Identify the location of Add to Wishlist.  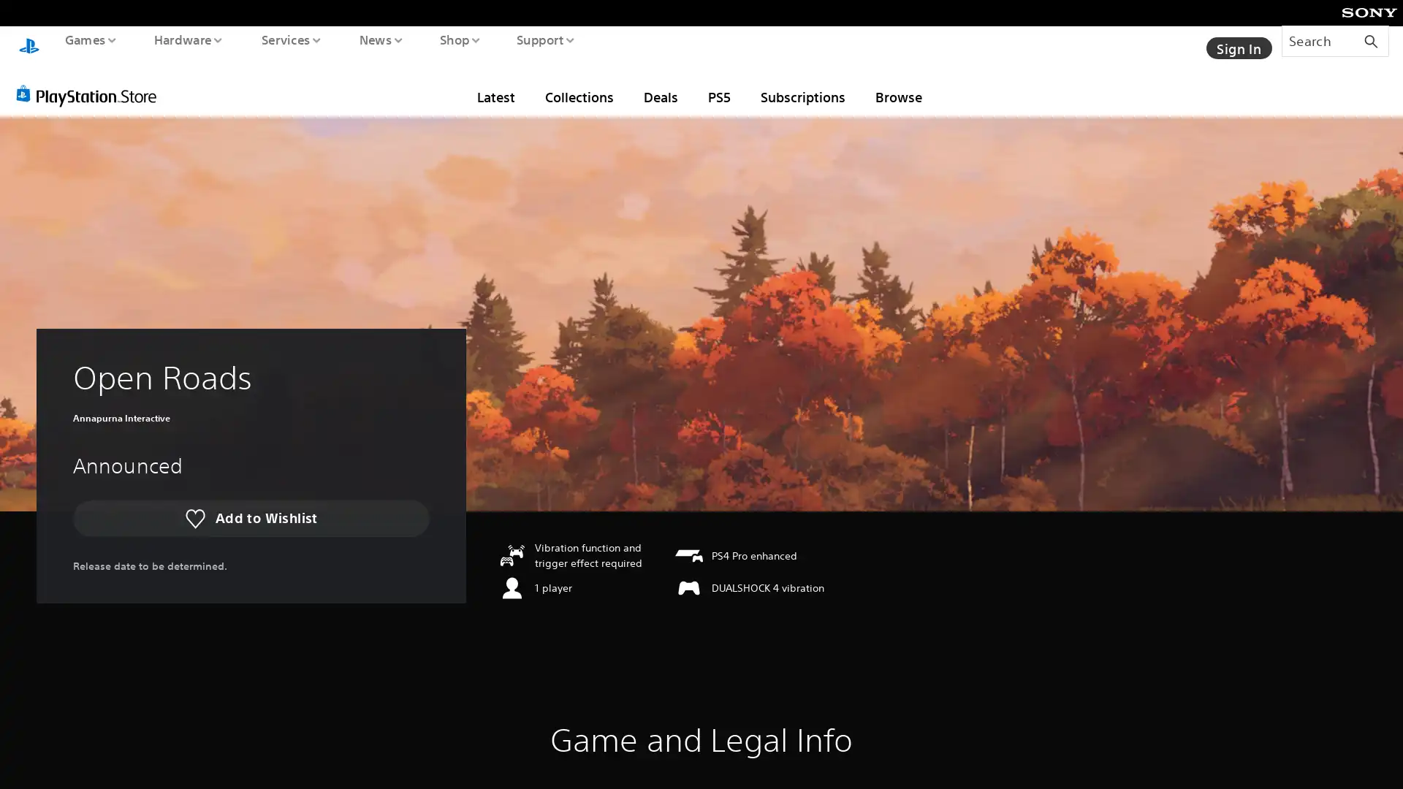
(251, 503).